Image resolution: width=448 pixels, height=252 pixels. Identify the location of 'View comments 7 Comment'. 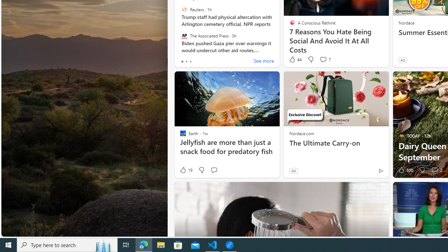
(323, 59).